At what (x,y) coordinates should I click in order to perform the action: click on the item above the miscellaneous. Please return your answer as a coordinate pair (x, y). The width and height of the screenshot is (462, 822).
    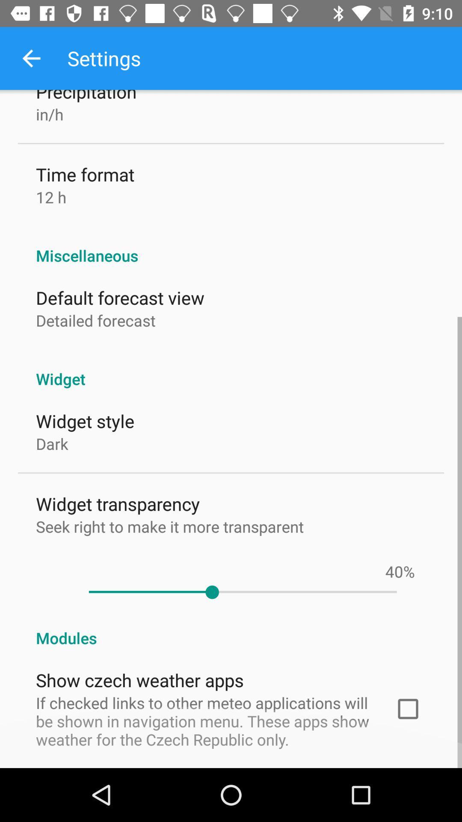
    Looking at the image, I should click on (51, 197).